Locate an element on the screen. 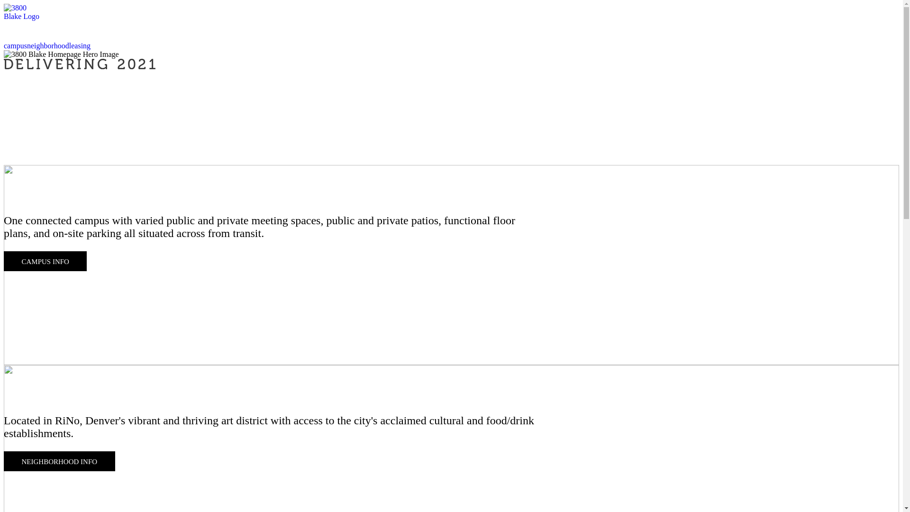  'neighborhood' is located at coordinates (47, 46).